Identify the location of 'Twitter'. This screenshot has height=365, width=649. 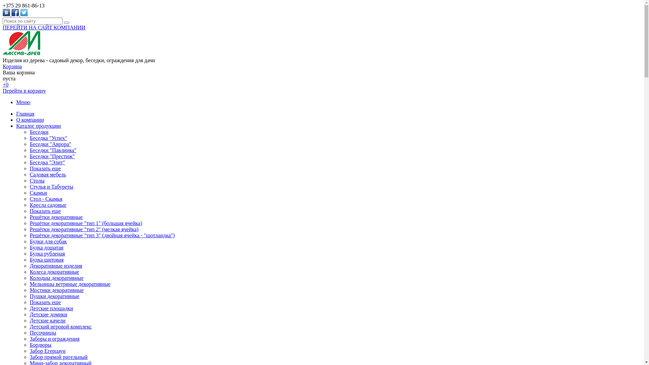
(24, 13).